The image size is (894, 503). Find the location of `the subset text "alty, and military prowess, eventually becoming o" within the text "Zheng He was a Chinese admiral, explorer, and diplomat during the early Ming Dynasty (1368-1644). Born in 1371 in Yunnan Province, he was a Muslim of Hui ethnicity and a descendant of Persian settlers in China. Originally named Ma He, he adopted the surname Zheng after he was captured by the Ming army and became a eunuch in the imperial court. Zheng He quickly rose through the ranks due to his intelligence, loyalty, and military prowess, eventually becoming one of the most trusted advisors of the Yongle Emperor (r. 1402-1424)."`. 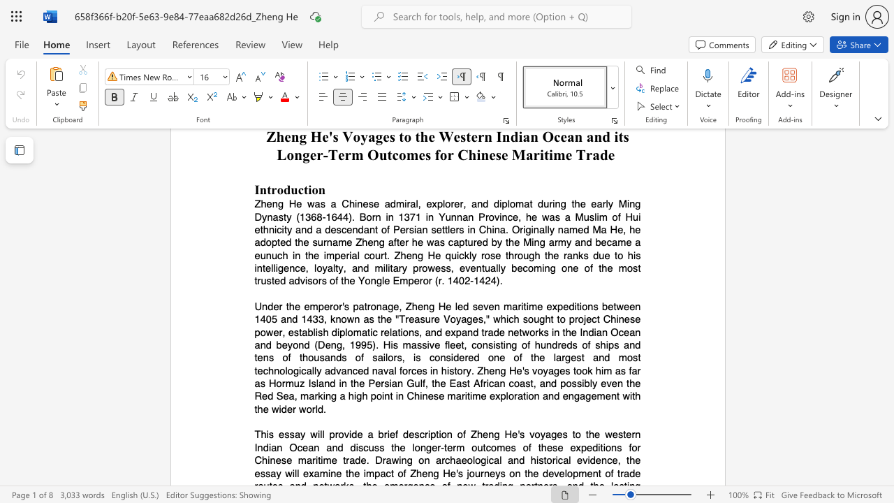

the subset text "alty, and military prowess, eventually becoming o" within the text "Zheng He was a Chinese admiral, explorer, and diplomat during the early Ming Dynasty (1368-1644). Born in 1371 in Yunnan Province, he was a Muslim of Hui ethnicity and a descendant of Persian settlers in China. Originally named Ma He, he adopted the surname Zheng after he was captured by the Ming army and became a eunuch in the imperial court. Zheng He quickly rose through the ranks due to his intelligence, loyalty, and military prowess, eventually becoming one of the most trusted advisors of the Yongle Emperor (r. 1402-1424)." is located at coordinates (326, 268).